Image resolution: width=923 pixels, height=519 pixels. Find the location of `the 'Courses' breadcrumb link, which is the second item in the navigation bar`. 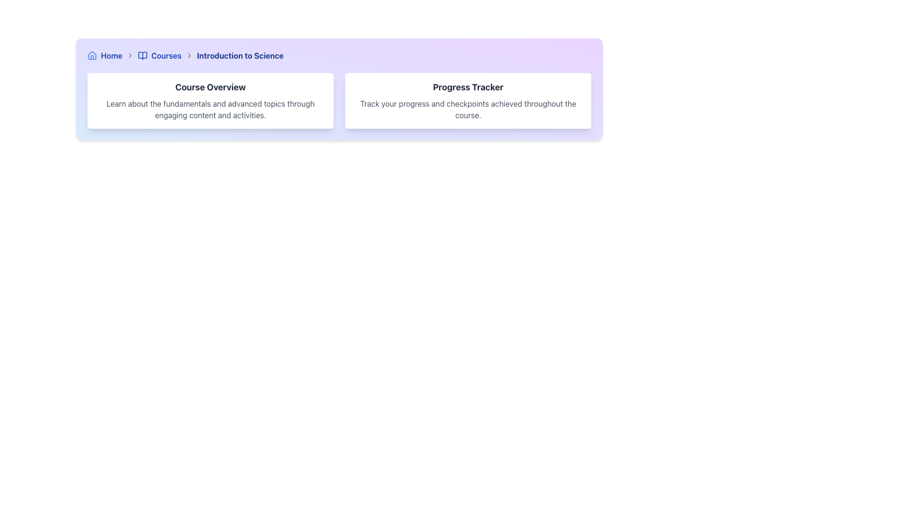

the 'Courses' breadcrumb link, which is the second item in the navigation bar is located at coordinates (160, 55).